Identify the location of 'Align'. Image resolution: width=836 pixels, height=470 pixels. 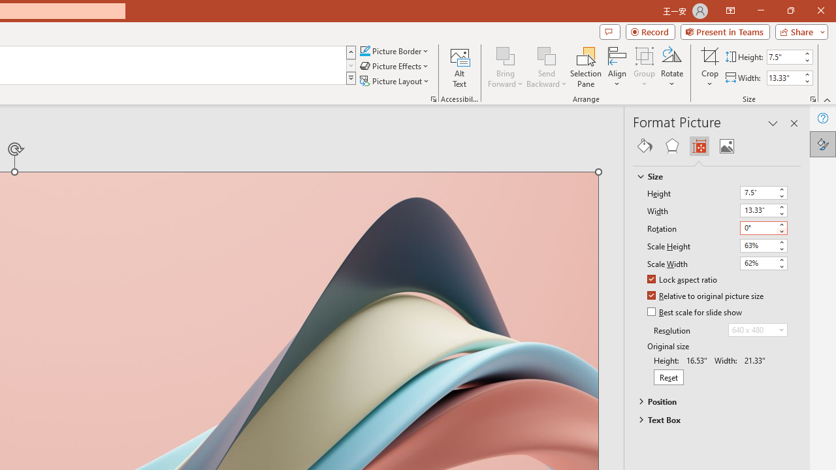
(617, 67).